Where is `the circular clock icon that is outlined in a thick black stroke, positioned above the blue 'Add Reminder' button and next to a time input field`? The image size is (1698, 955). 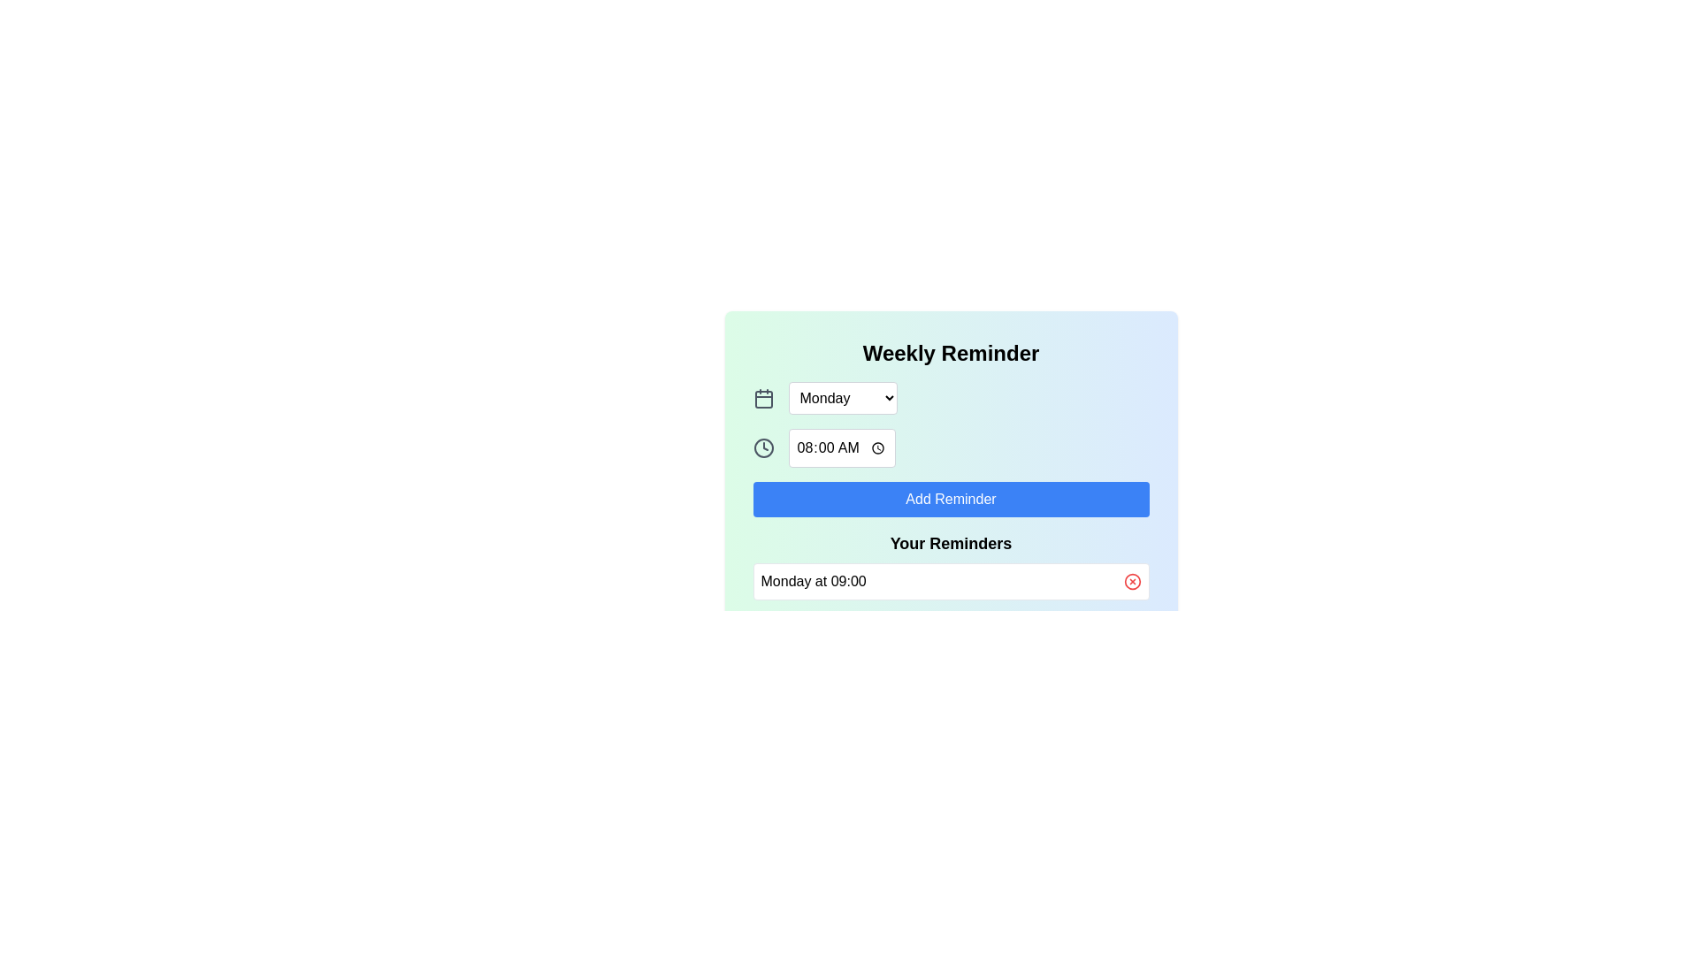 the circular clock icon that is outlined in a thick black stroke, positioned above the blue 'Add Reminder' button and next to a time input field is located at coordinates (763, 447).